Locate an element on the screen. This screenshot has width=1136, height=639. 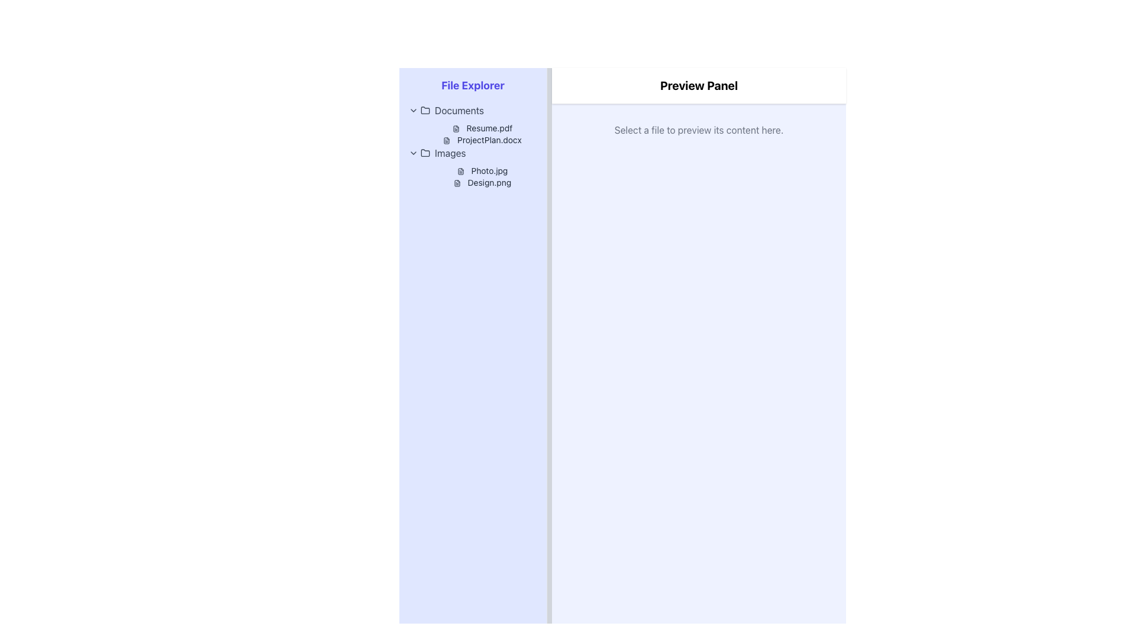
the header element located at the top of the right panel, which indicates the purpose of the content in the panel below it is located at coordinates (699, 85).